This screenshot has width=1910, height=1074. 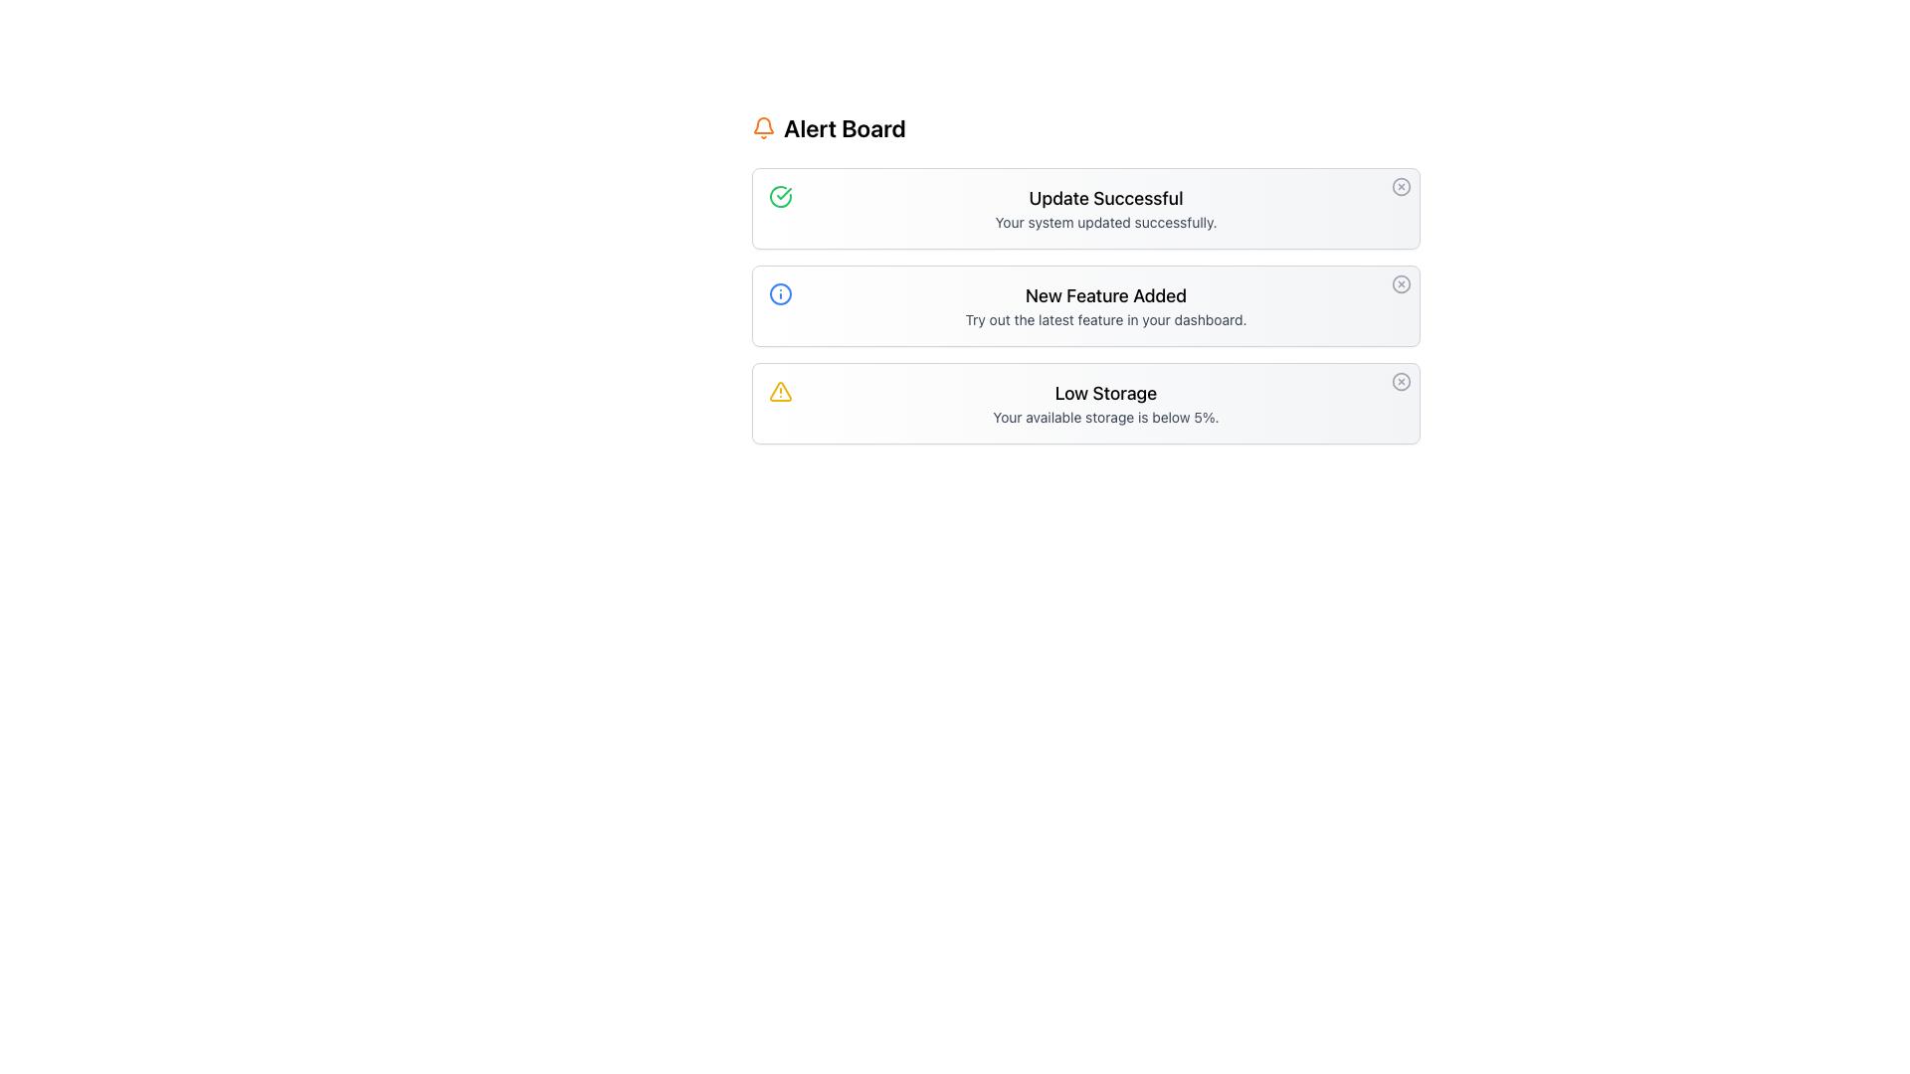 I want to click on 'Low Storage' notification, which is the third alert in the 'Alert Board' section, displaying a warning about storage availability, so click(x=1105, y=403).